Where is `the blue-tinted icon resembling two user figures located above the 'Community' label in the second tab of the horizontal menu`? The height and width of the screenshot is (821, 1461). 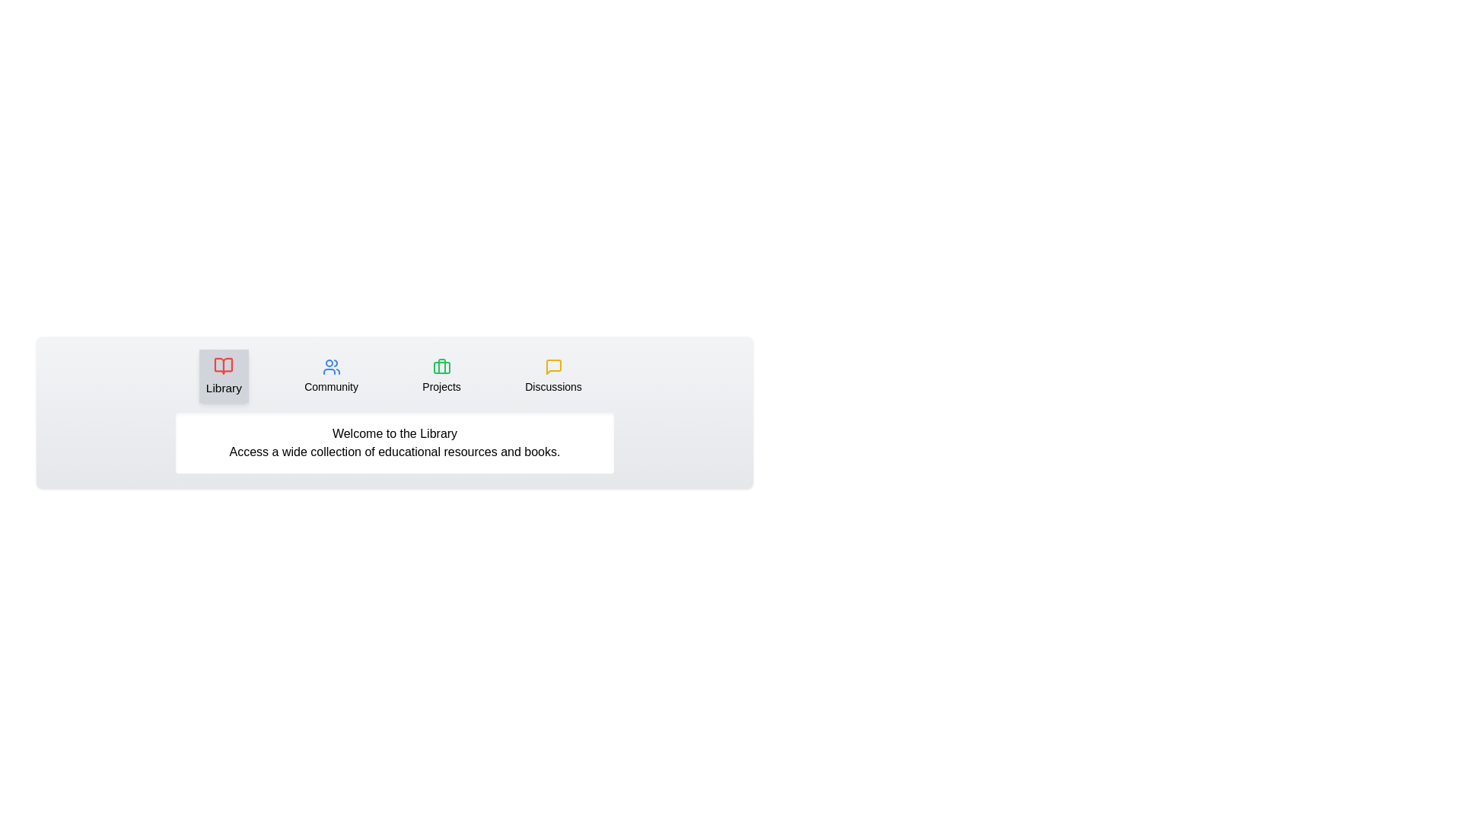 the blue-tinted icon resembling two user figures located above the 'Community' label in the second tab of the horizontal menu is located at coordinates (330, 366).